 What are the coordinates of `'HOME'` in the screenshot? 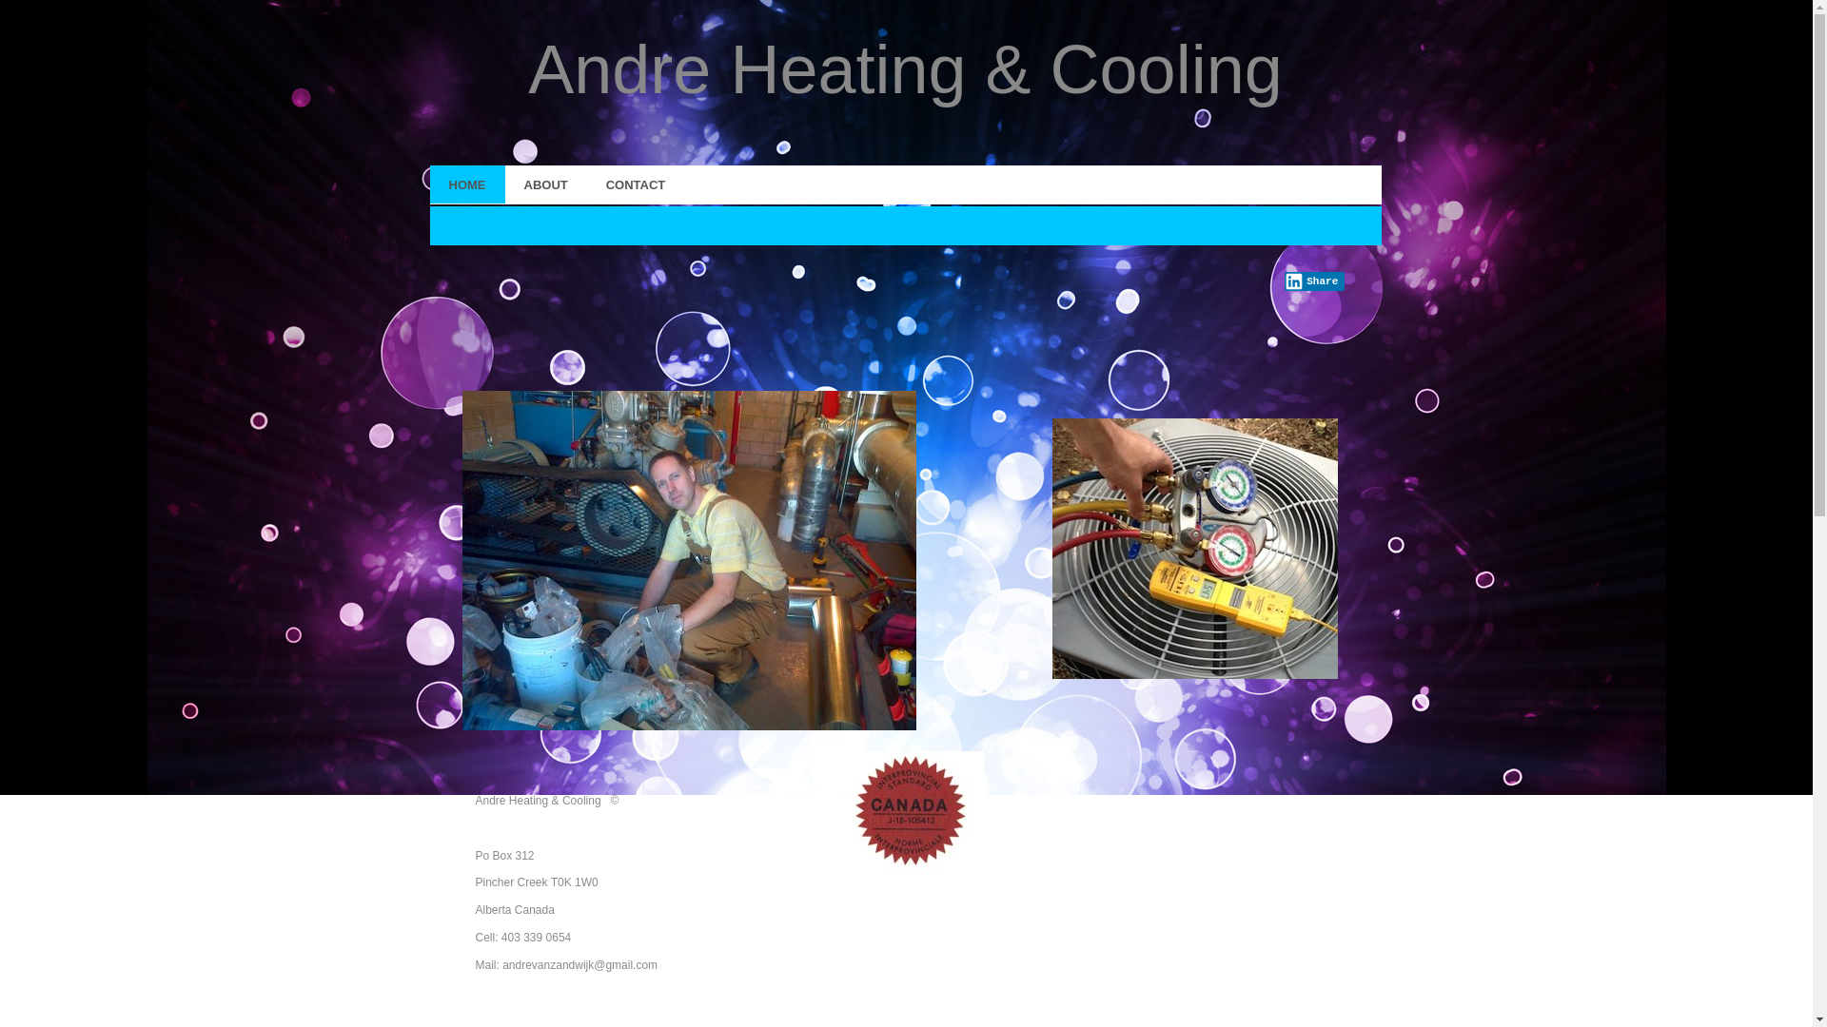 It's located at (428, 184).